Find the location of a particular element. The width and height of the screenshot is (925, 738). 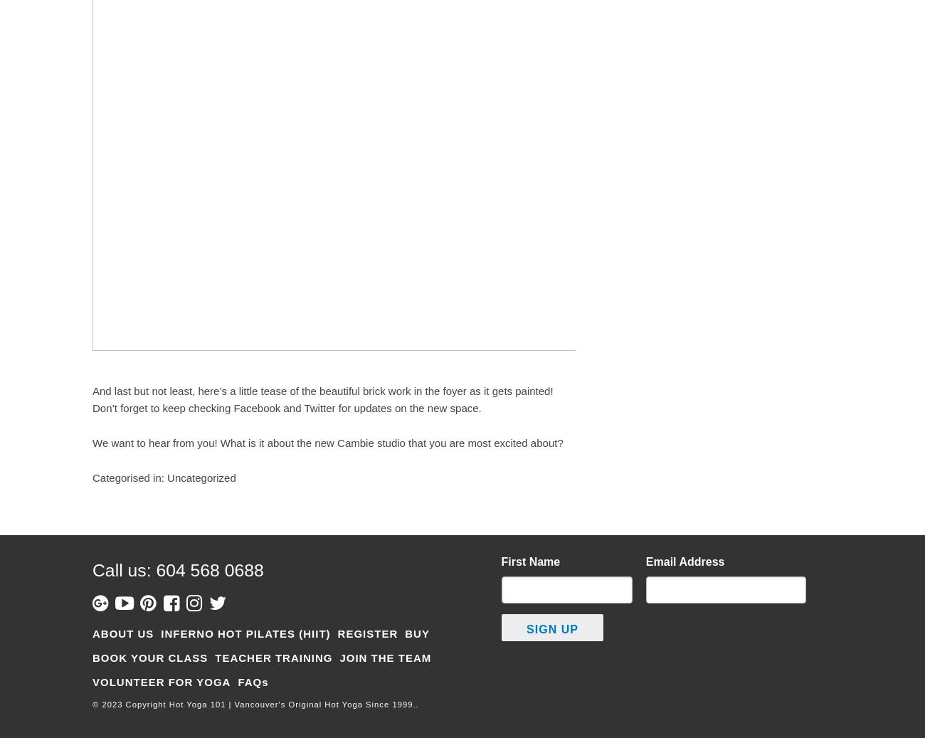

'and' is located at coordinates (292, 408).